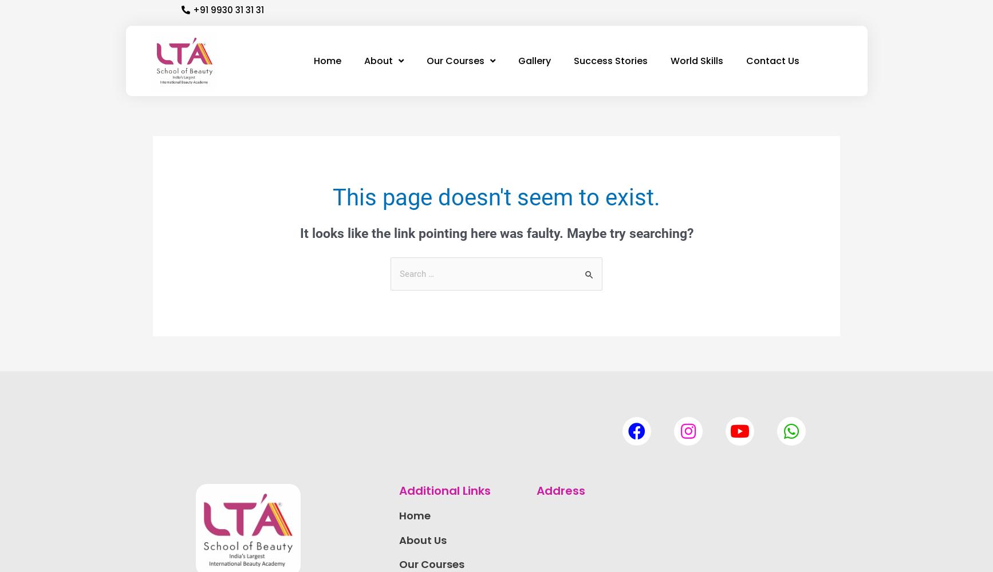 This screenshot has width=993, height=572. I want to click on 'Additional Links', so click(443, 490).